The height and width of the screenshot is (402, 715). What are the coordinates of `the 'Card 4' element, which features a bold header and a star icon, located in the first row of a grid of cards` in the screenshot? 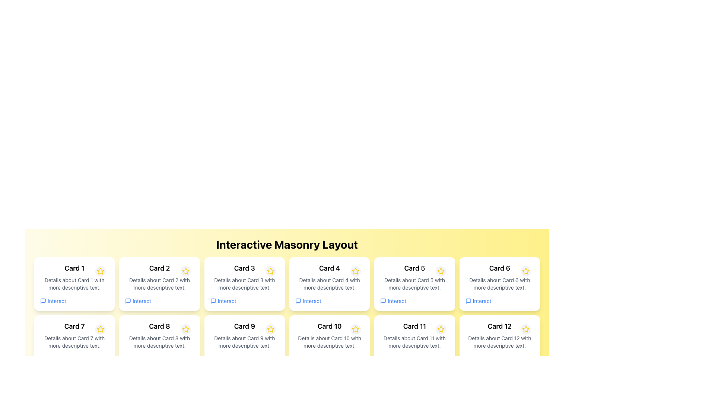 It's located at (329, 284).